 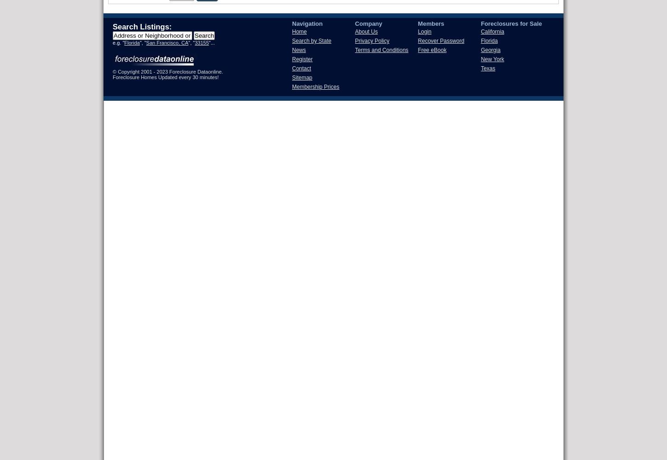 What do you see at coordinates (145, 42) in the screenshot?
I see `'San Francisco, CA'` at bounding box center [145, 42].